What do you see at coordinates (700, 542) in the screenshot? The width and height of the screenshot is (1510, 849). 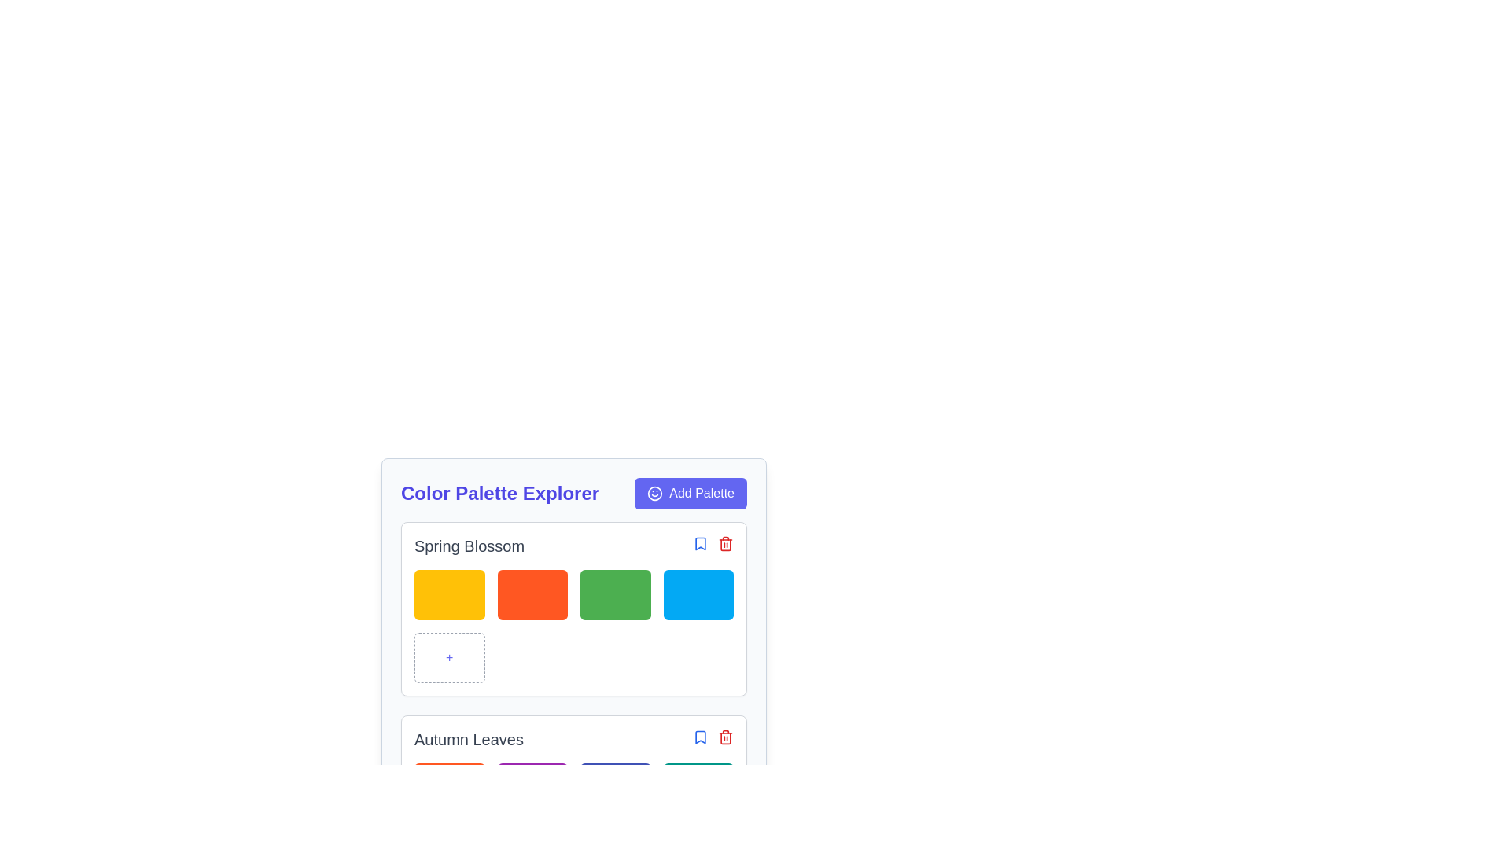 I see `the icon button located within the 'Spring Blossom' palette, positioned to the left of the red delete icon` at bounding box center [700, 542].